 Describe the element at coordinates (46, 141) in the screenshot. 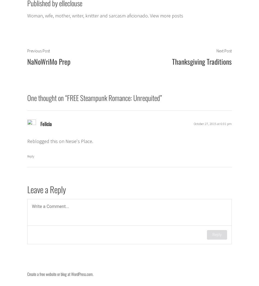

I see `'Reblogged this on'` at that location.